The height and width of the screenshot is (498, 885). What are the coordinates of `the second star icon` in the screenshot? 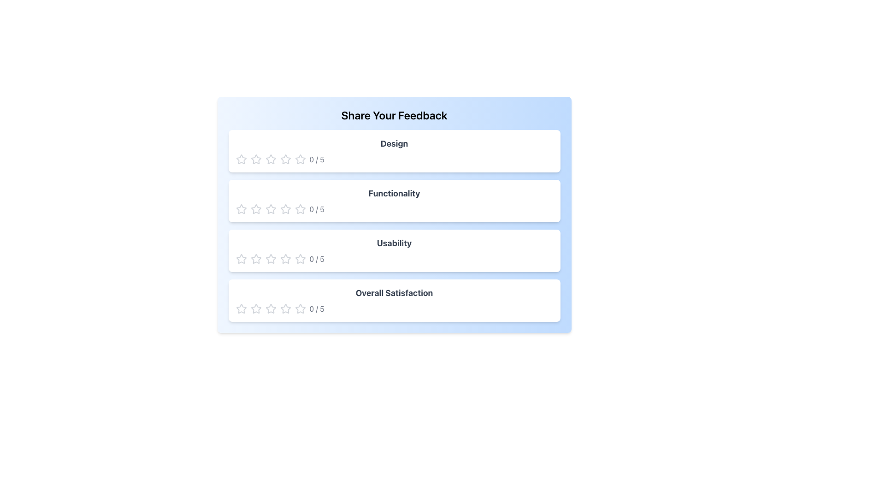 It's located at (256, 259).